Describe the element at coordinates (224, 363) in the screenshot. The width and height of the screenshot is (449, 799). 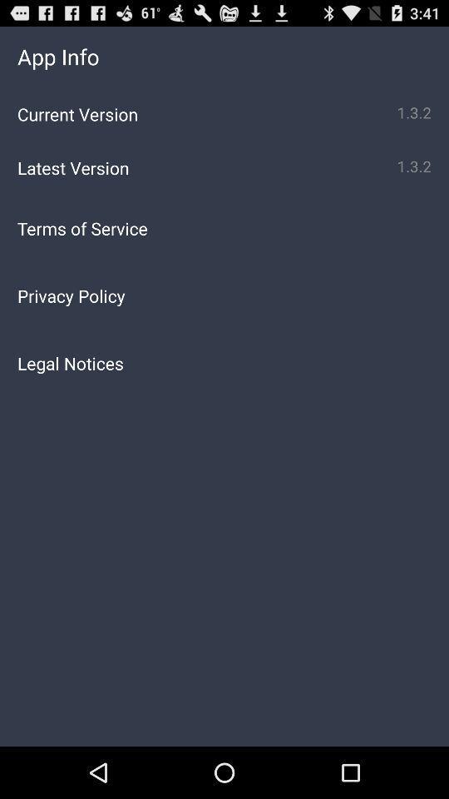
I see `legal notices app` at that location.